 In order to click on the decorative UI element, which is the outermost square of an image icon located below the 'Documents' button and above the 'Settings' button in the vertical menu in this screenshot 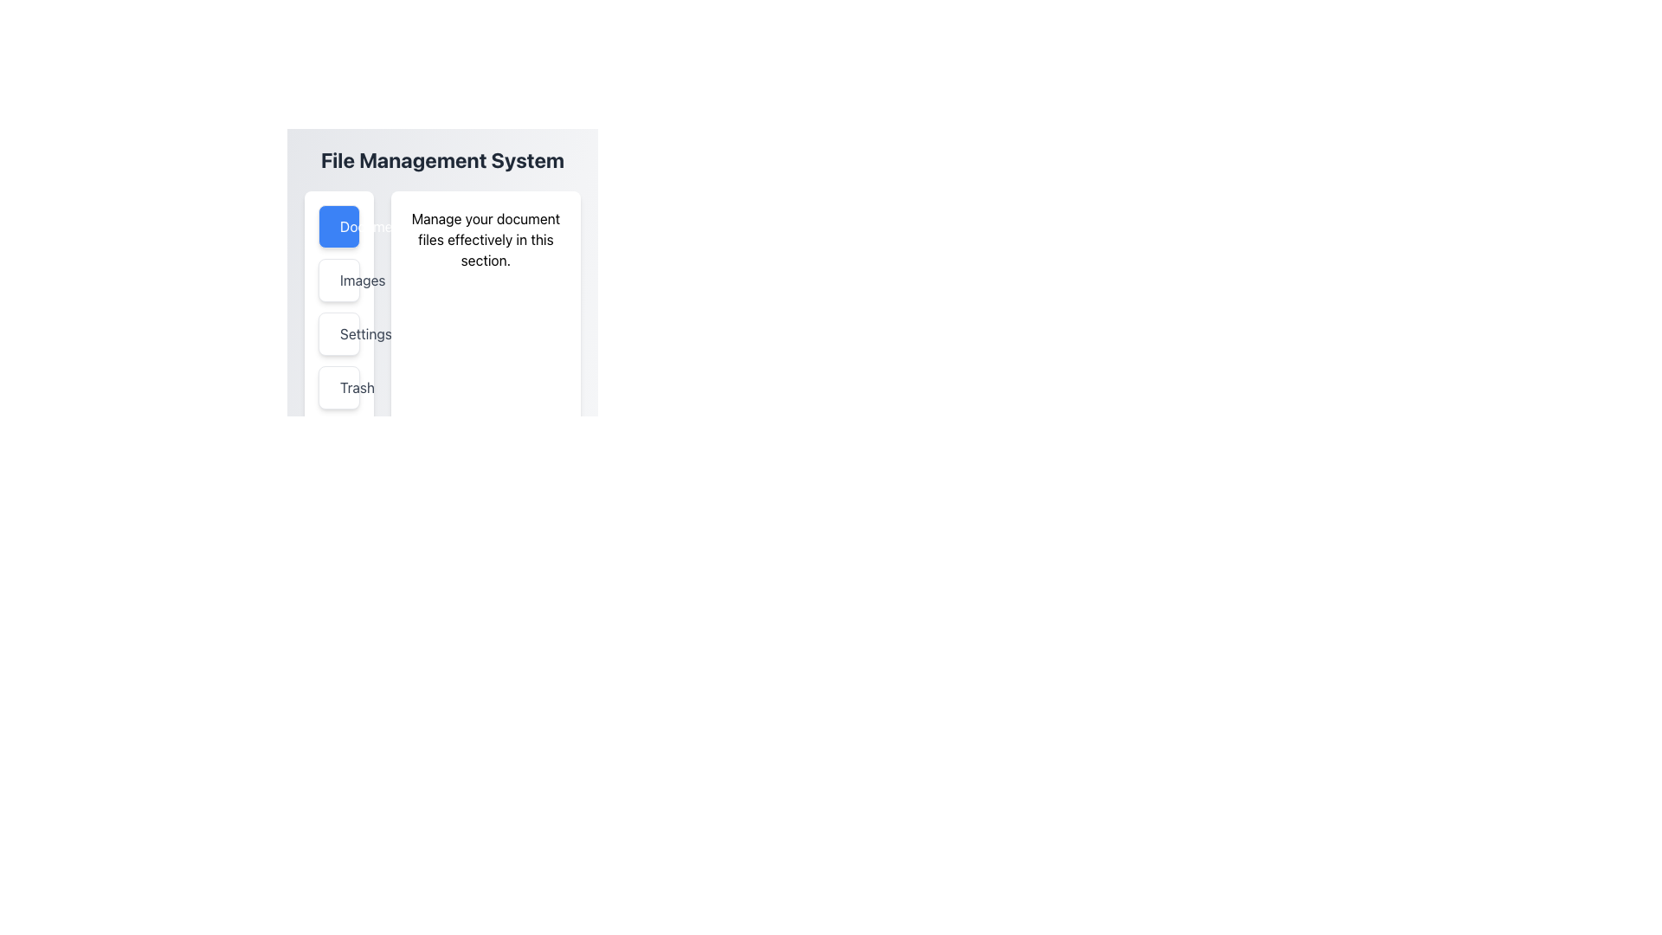, I will do `click(340, 280)`.